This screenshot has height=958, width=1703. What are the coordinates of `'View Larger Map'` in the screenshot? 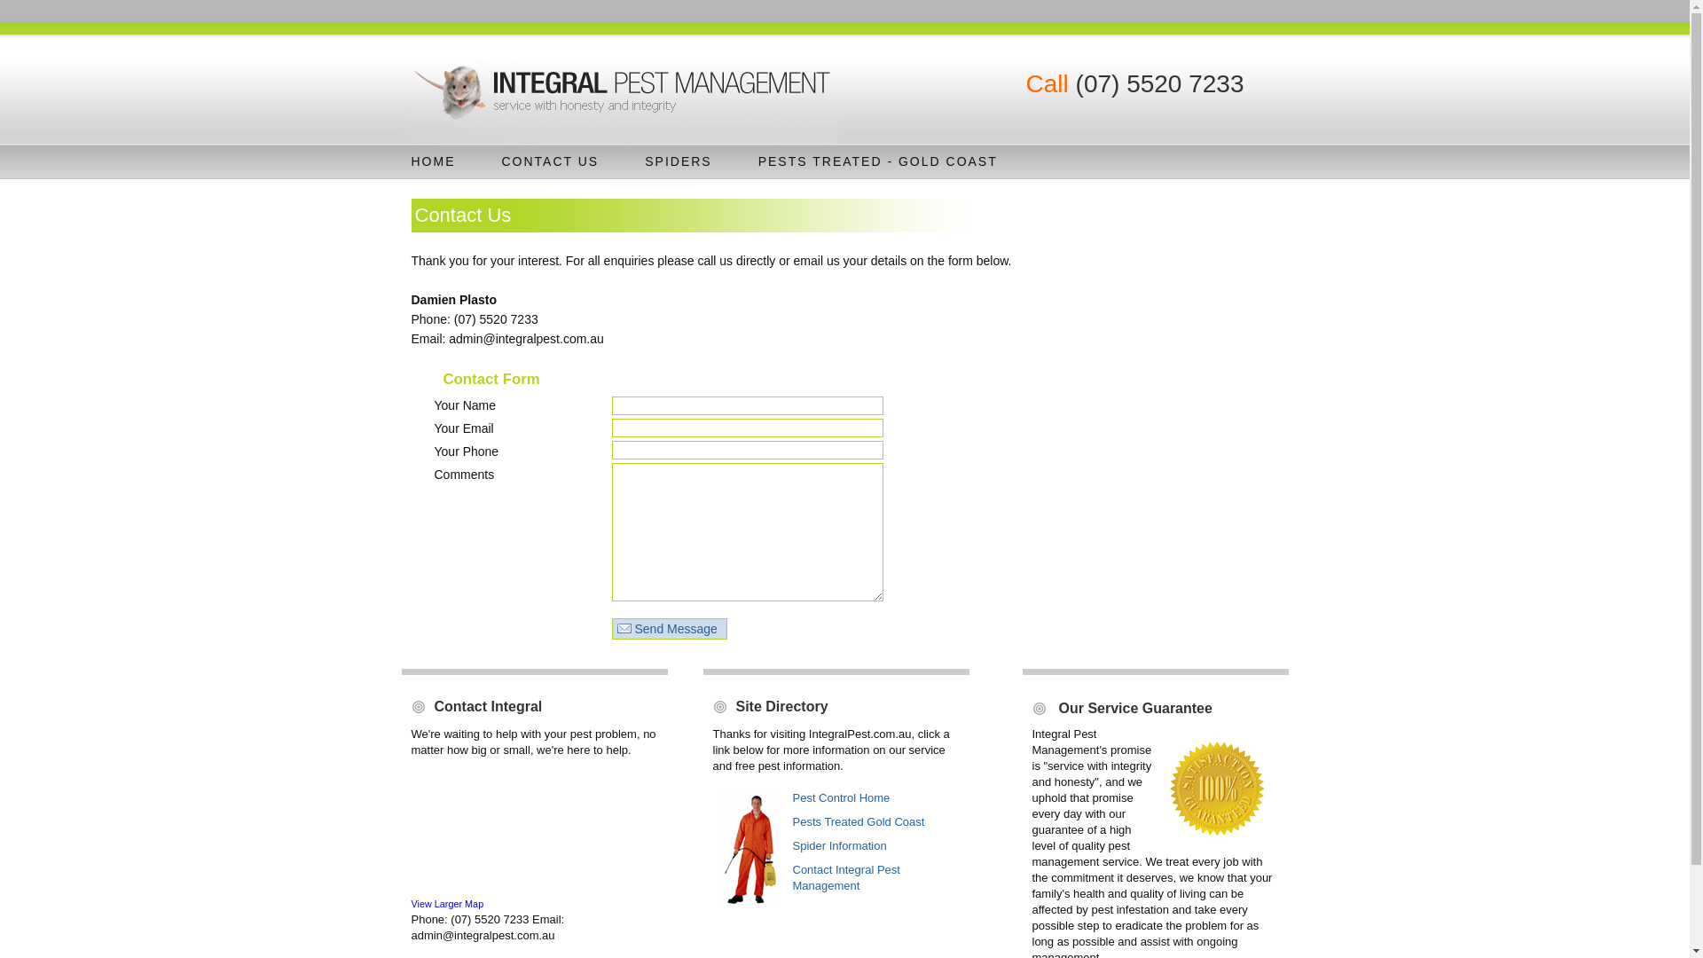 It's located at (447, 903).